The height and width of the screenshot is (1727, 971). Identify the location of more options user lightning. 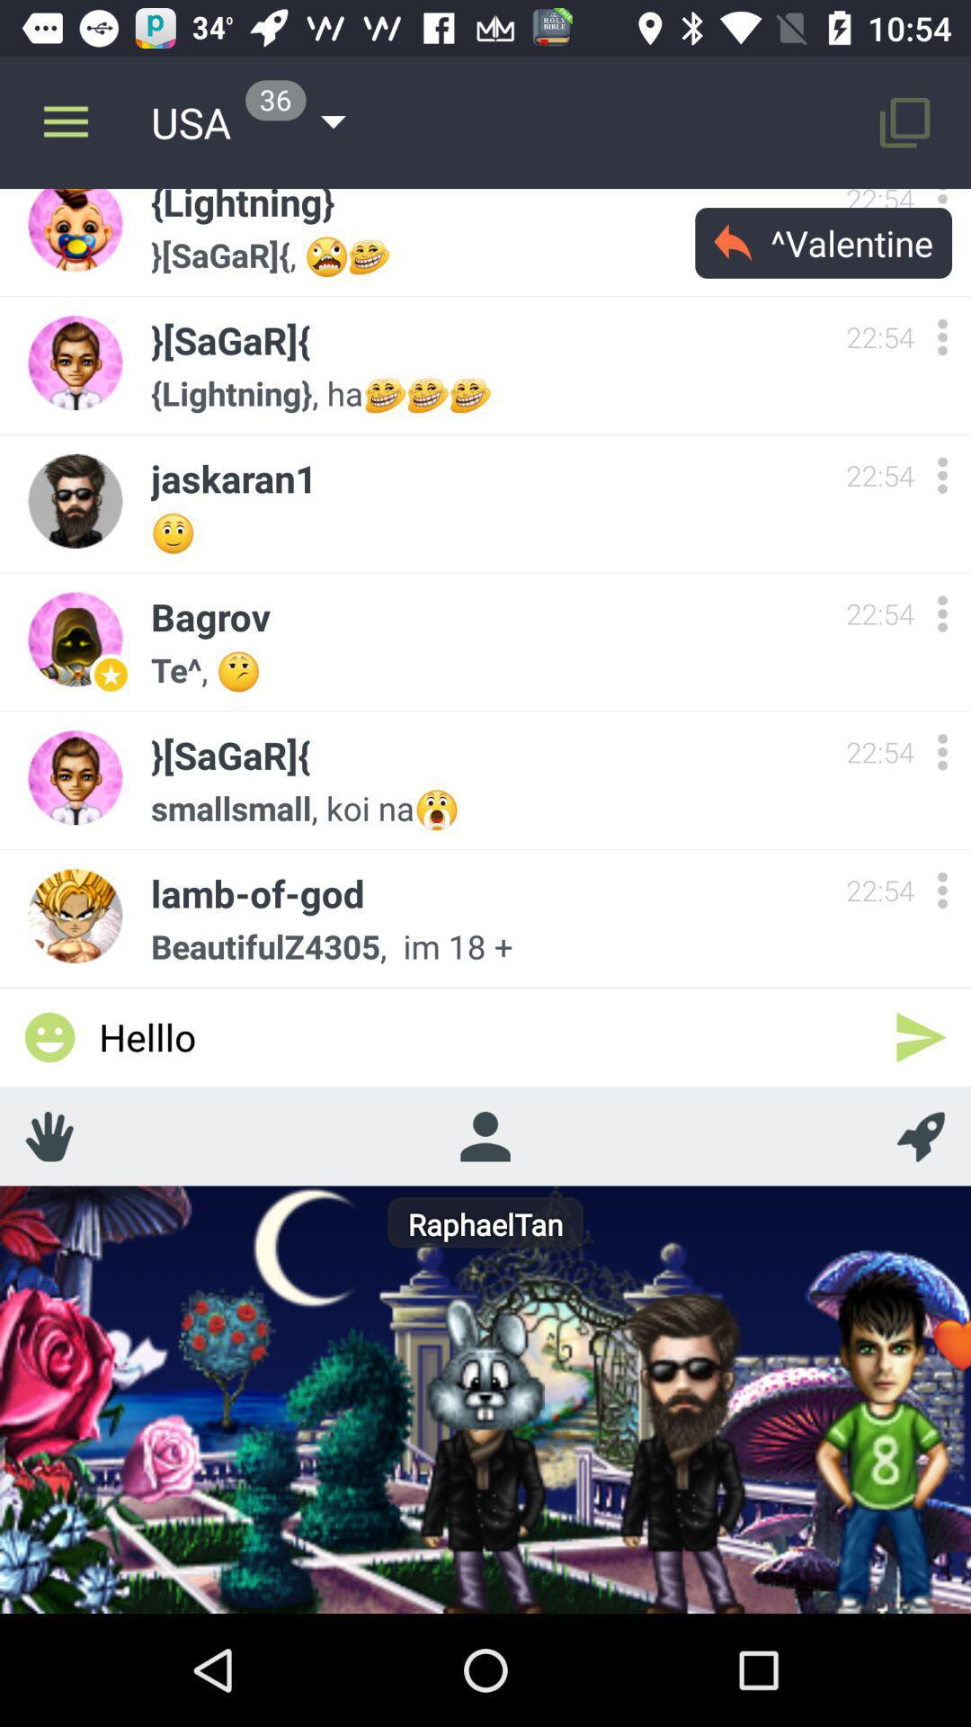
(941, 208).